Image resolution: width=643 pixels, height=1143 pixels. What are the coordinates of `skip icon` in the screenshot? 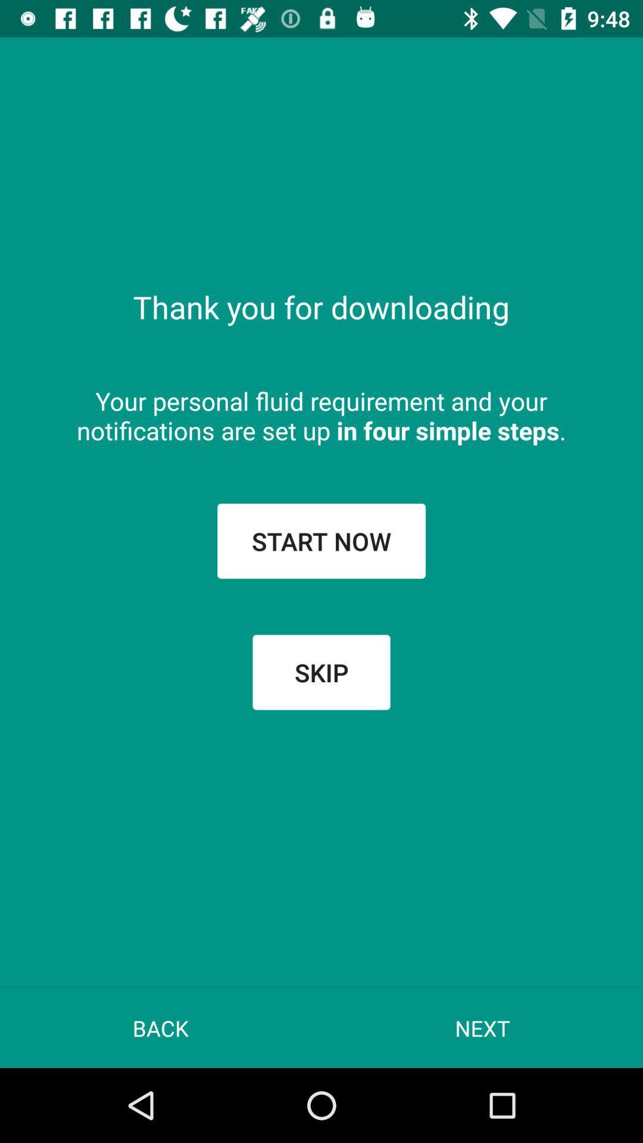 It's located at (321, 672).